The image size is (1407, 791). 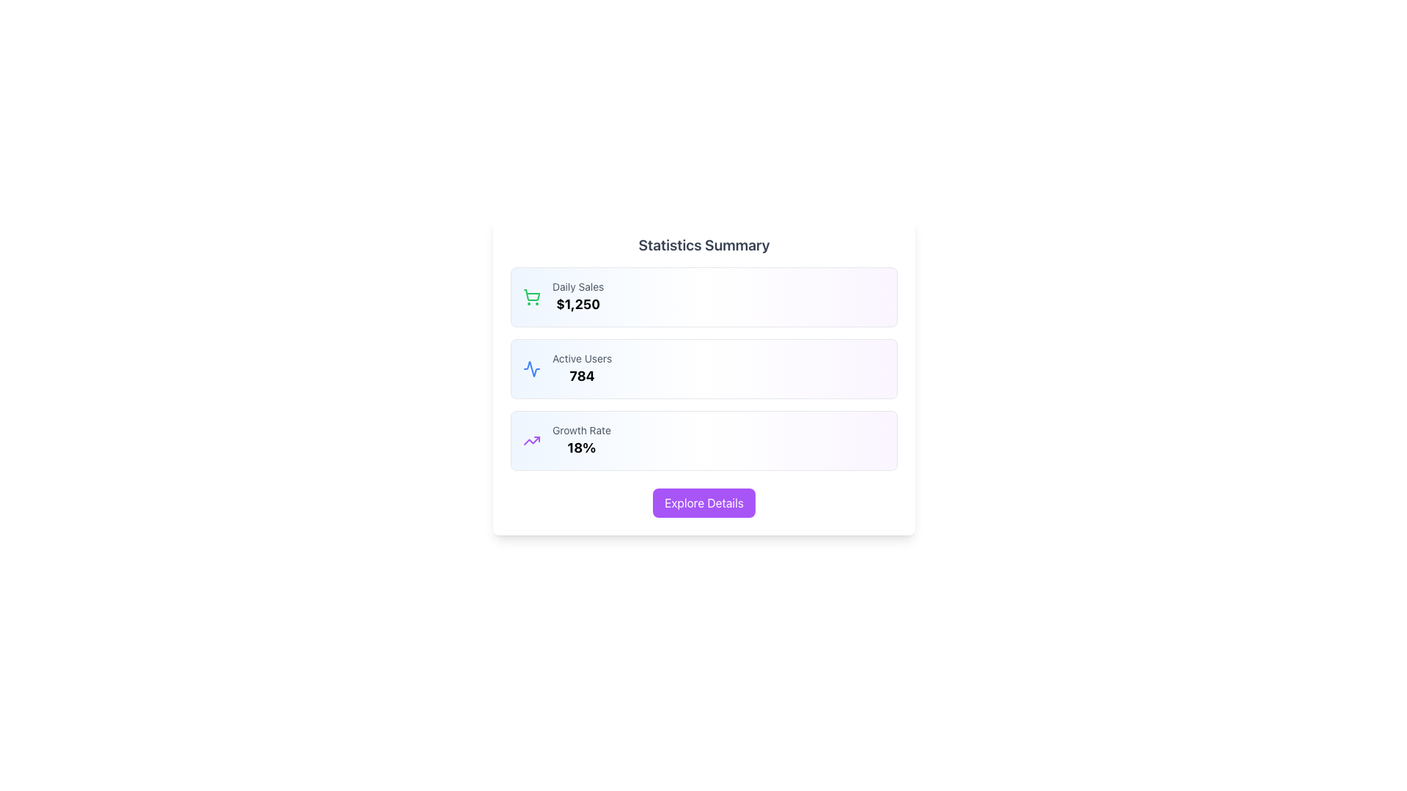 What do you see at coordinates (531, 297) in the screenshot?
I see `the ornamental shopping cart icon located at the top-left corner of the 'Daily Sales' panel, which visually represents sales statistics but is non-interactive` at bounding box center [531, 297].